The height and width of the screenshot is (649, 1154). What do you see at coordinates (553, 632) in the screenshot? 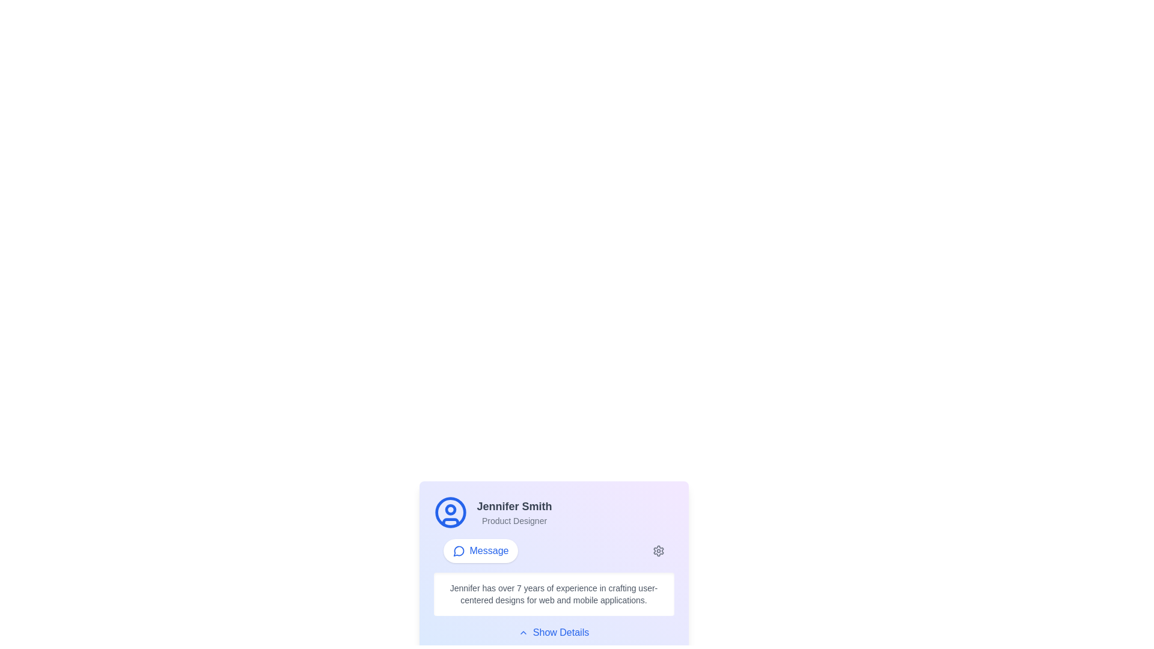
I see `the blue hyperlink styled as underlined text reading 'Show Details' located at the bottom of the interface card layout` at bounding box center [553, 632].